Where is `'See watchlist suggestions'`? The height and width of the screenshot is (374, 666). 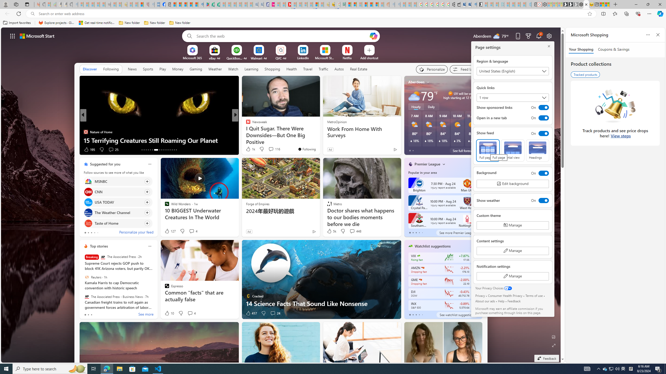
'See watchlist suggestions' is located at coordinates (457, 314).